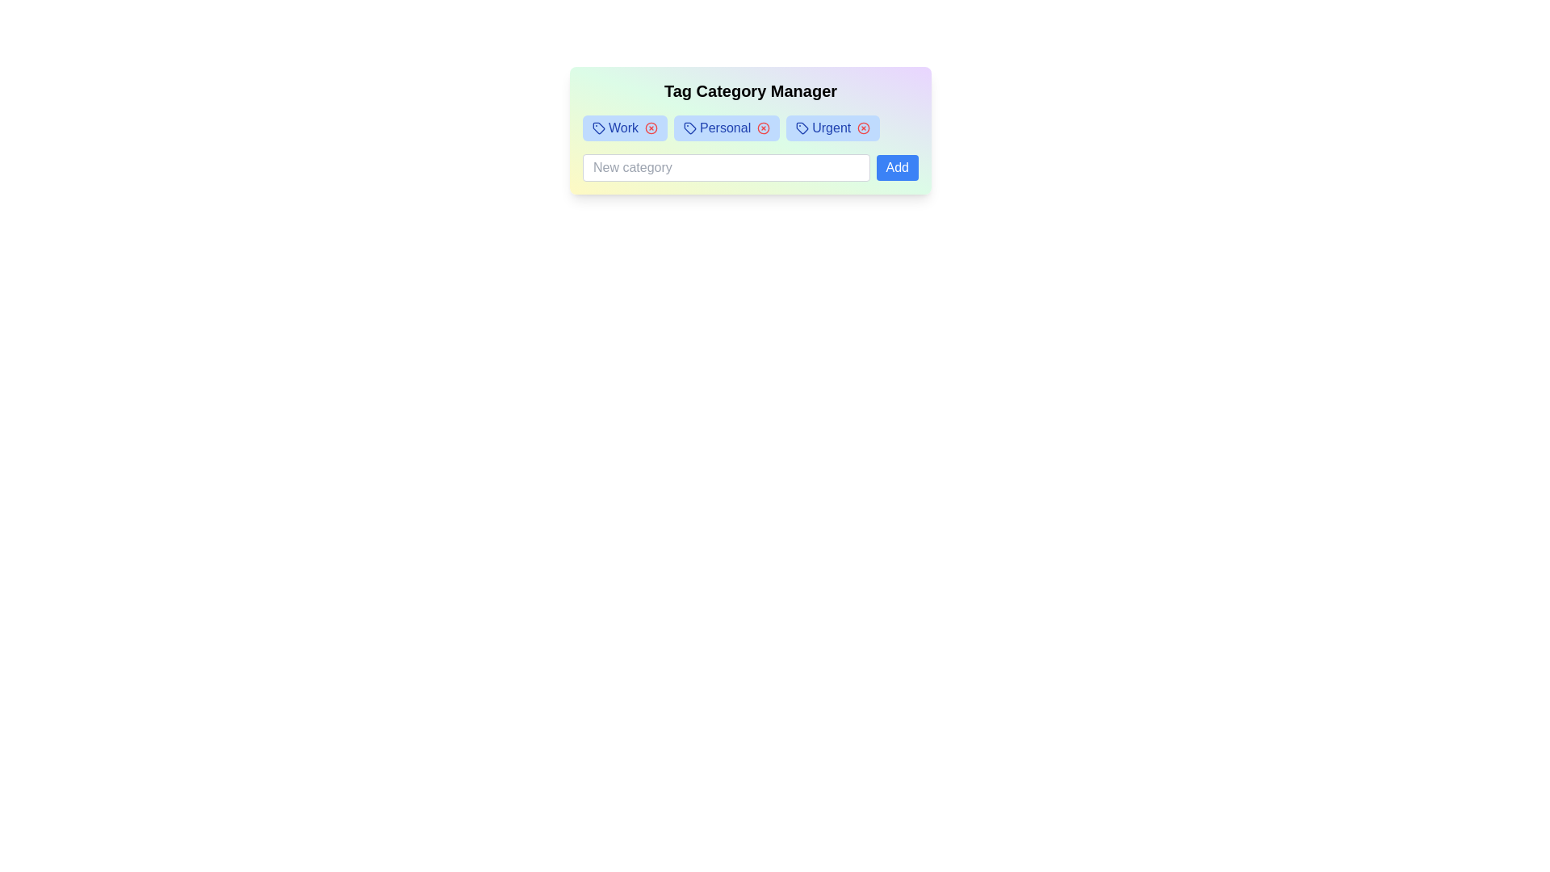 This screenshot has height=872, width=1550. I want to click on the Text Label that serves as the title or header for the card, positioned at the top of the card above other elements, so click(750, 90).